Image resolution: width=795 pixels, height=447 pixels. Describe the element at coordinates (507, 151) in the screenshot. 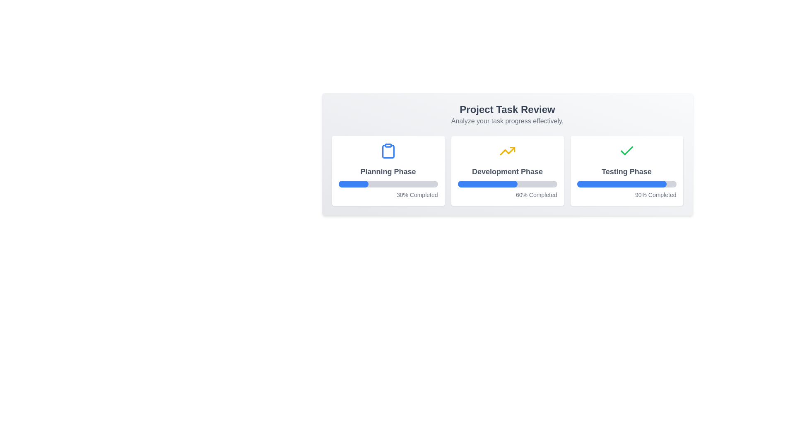

I see `the yellow zigzag arrow icon representing an upward trend located inside the 'Development Phase' card in the interface` at that location.